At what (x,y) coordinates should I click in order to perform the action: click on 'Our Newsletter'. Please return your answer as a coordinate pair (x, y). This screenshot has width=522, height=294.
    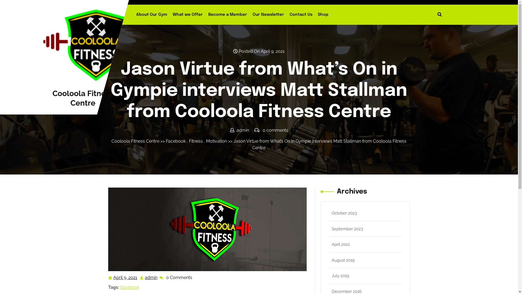
    Looking at the image, I should click on (268, 14).